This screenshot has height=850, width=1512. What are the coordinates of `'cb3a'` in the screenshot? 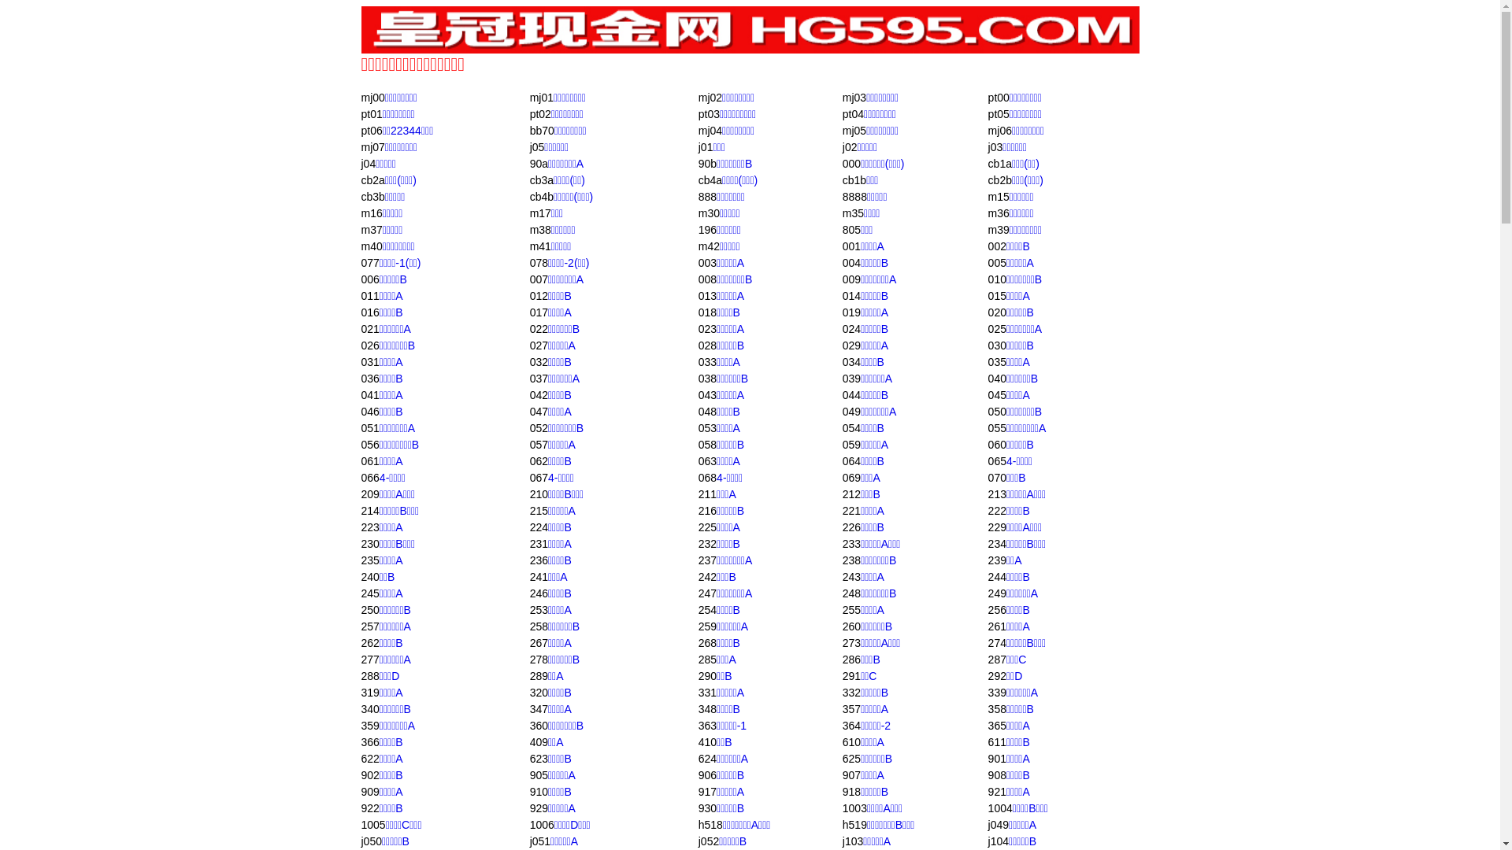 It's located at (541, 179).